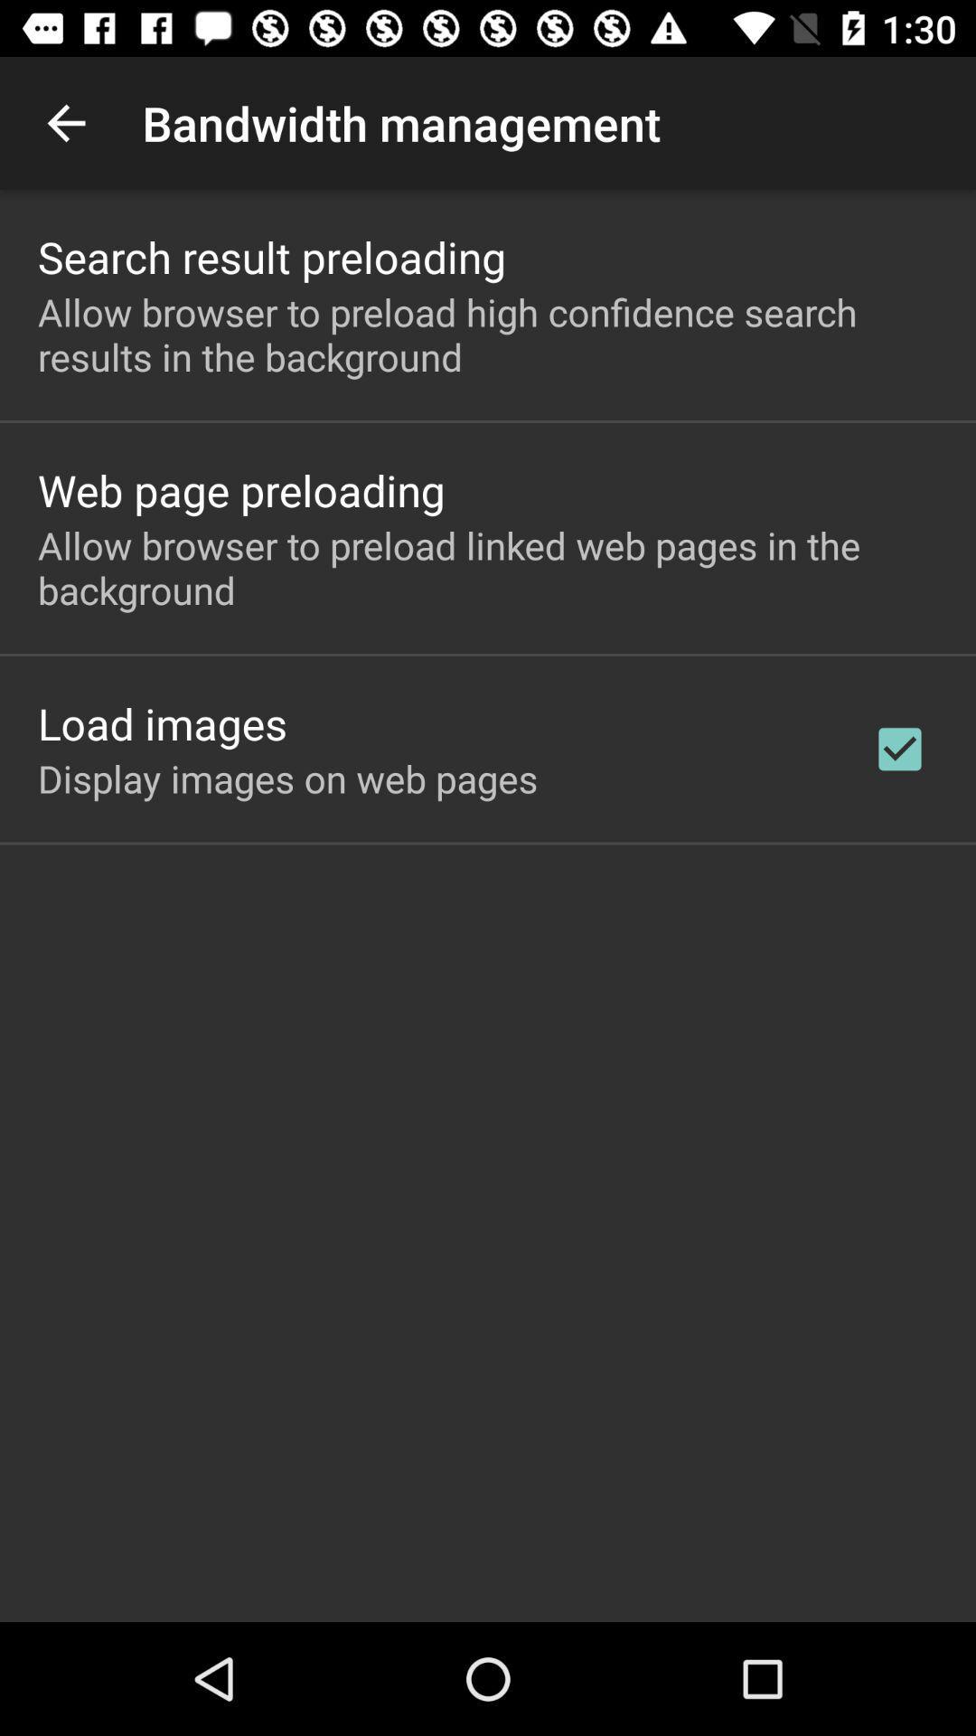  Describe the element at coordinates (163, 723) in the screenshot. I see `load images item` at that location.